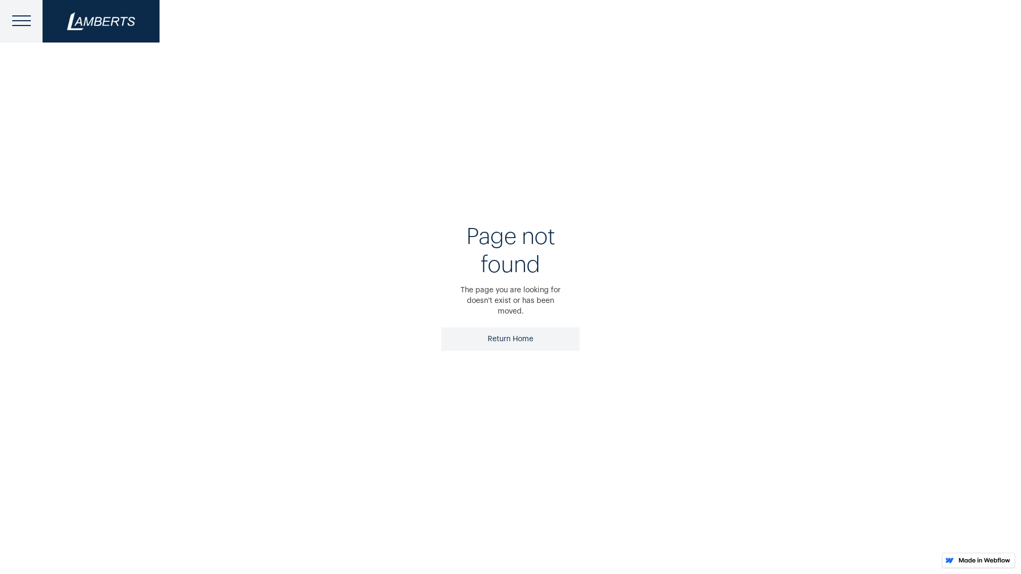  I want to click on 'Return Home', so click(510, 339).